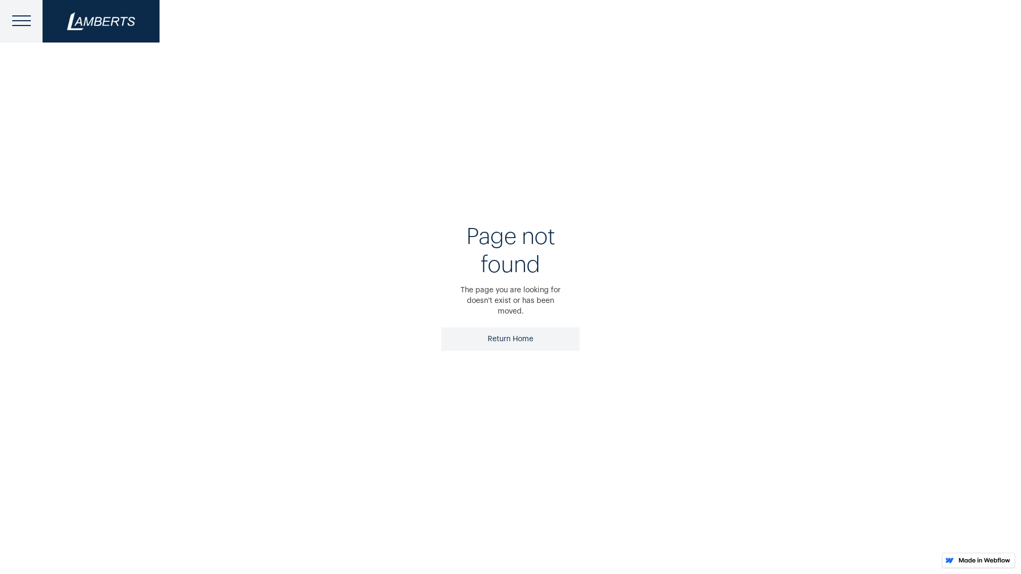  I want to click on 'Return Home', so click(510, 339).